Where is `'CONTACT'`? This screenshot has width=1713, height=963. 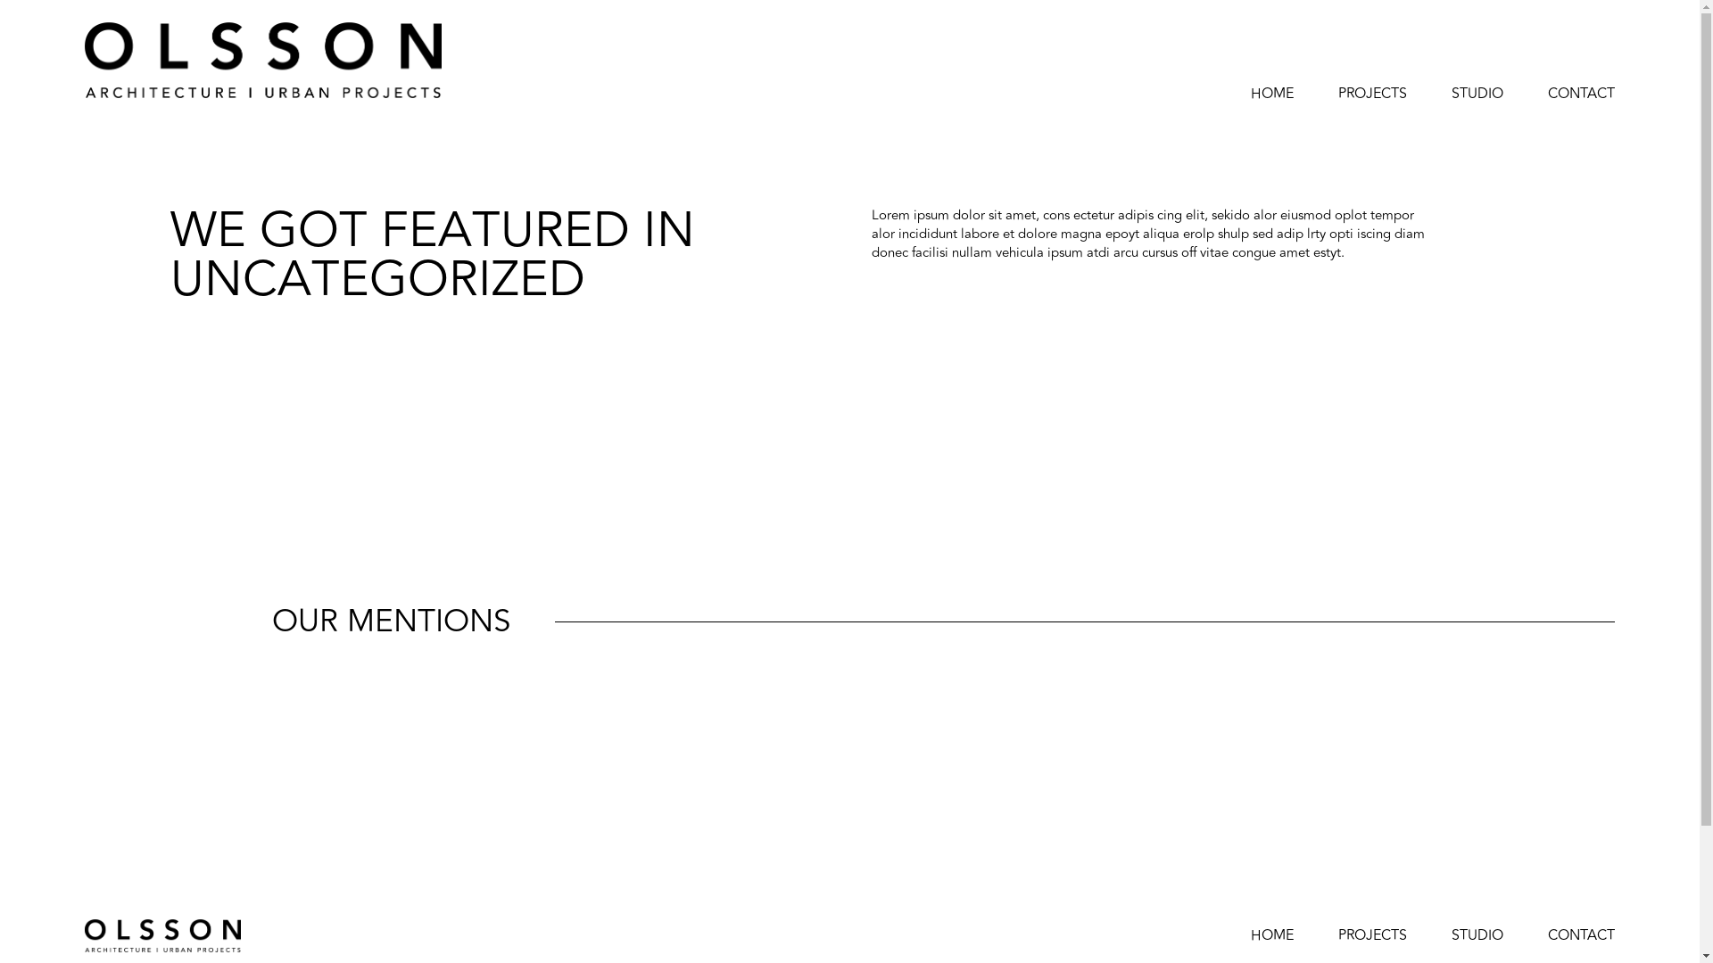
'CONTACT' is located at coordinates (1581, 93).